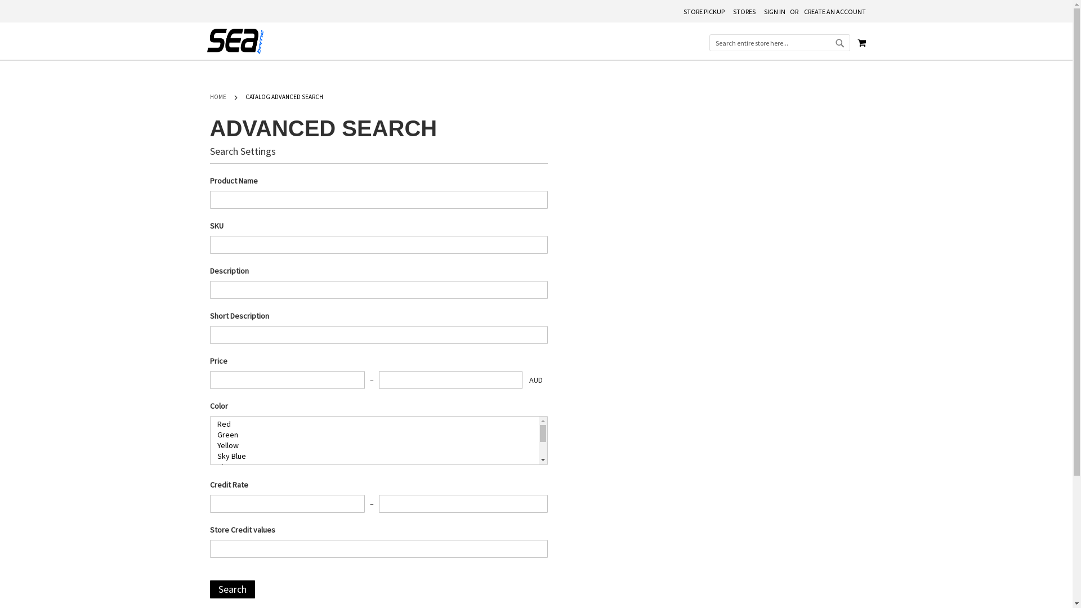  What do you see at coordinates (218, 96) in the screenshot?
I see `'HOME'` at bounding box center [218, 96].